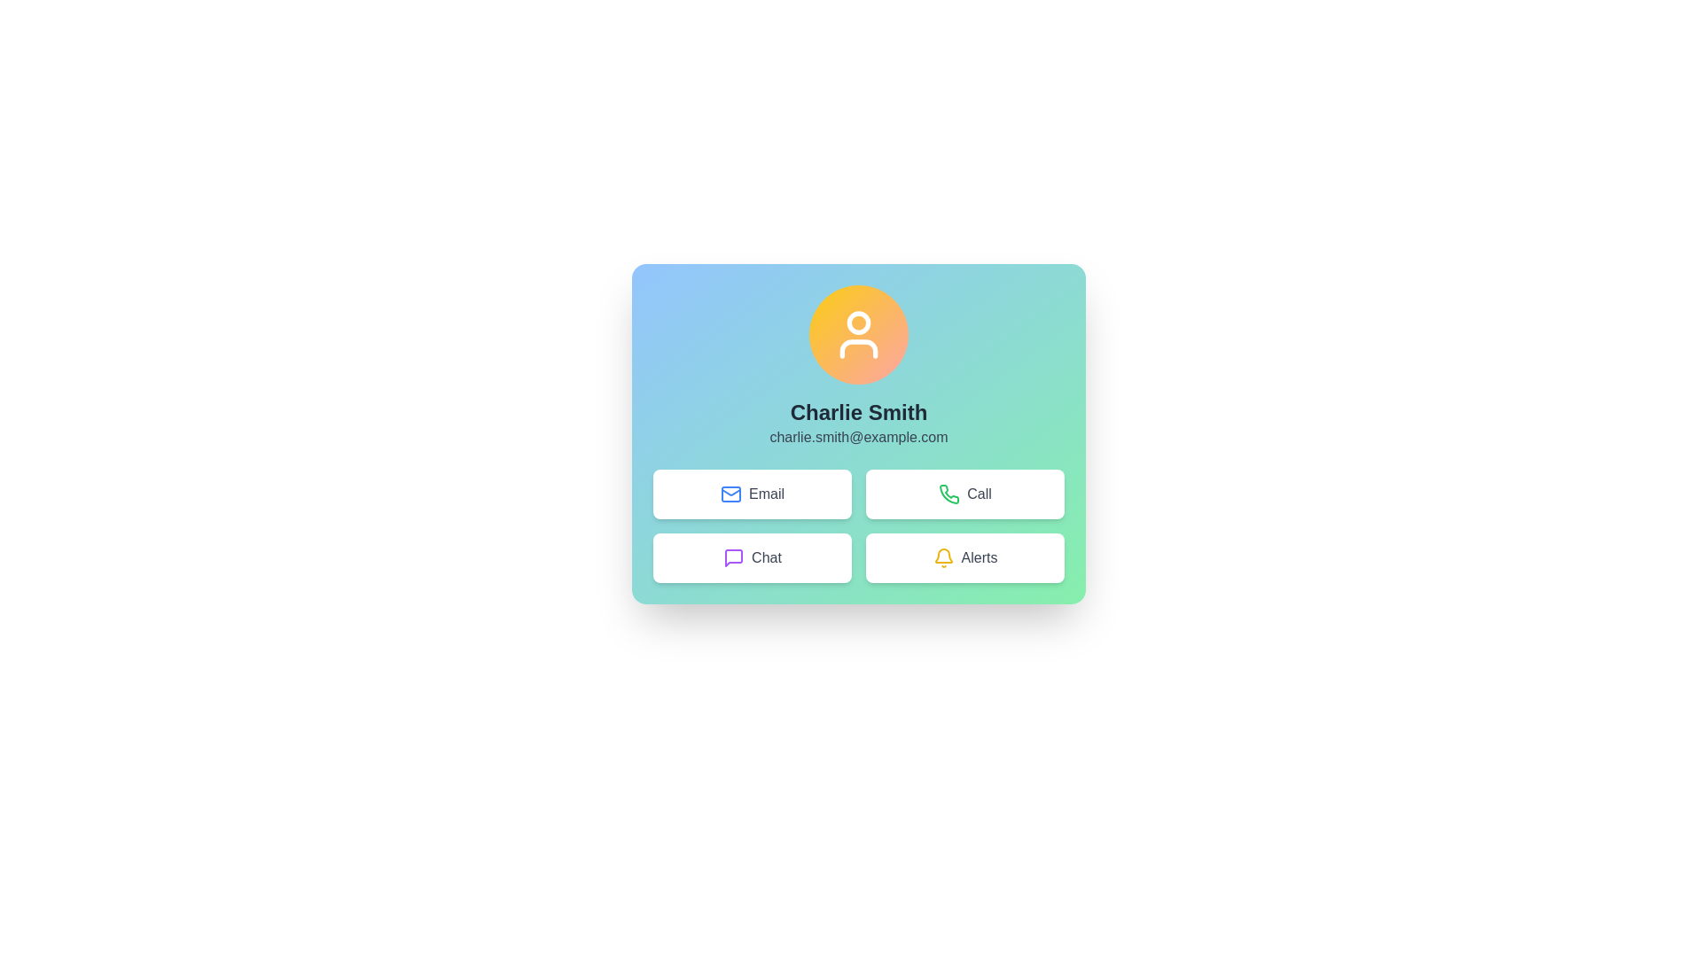 This screenshot has height=957, width=1702. What do you see at coordinates (753, 494) in the screenshot?
I see `the 'Email' button, which is a rectangular button with rounded corners, a white background, a blue envelope icon on the left, and dark gray text that reads 'Email'` at bounding box center [753, 494].